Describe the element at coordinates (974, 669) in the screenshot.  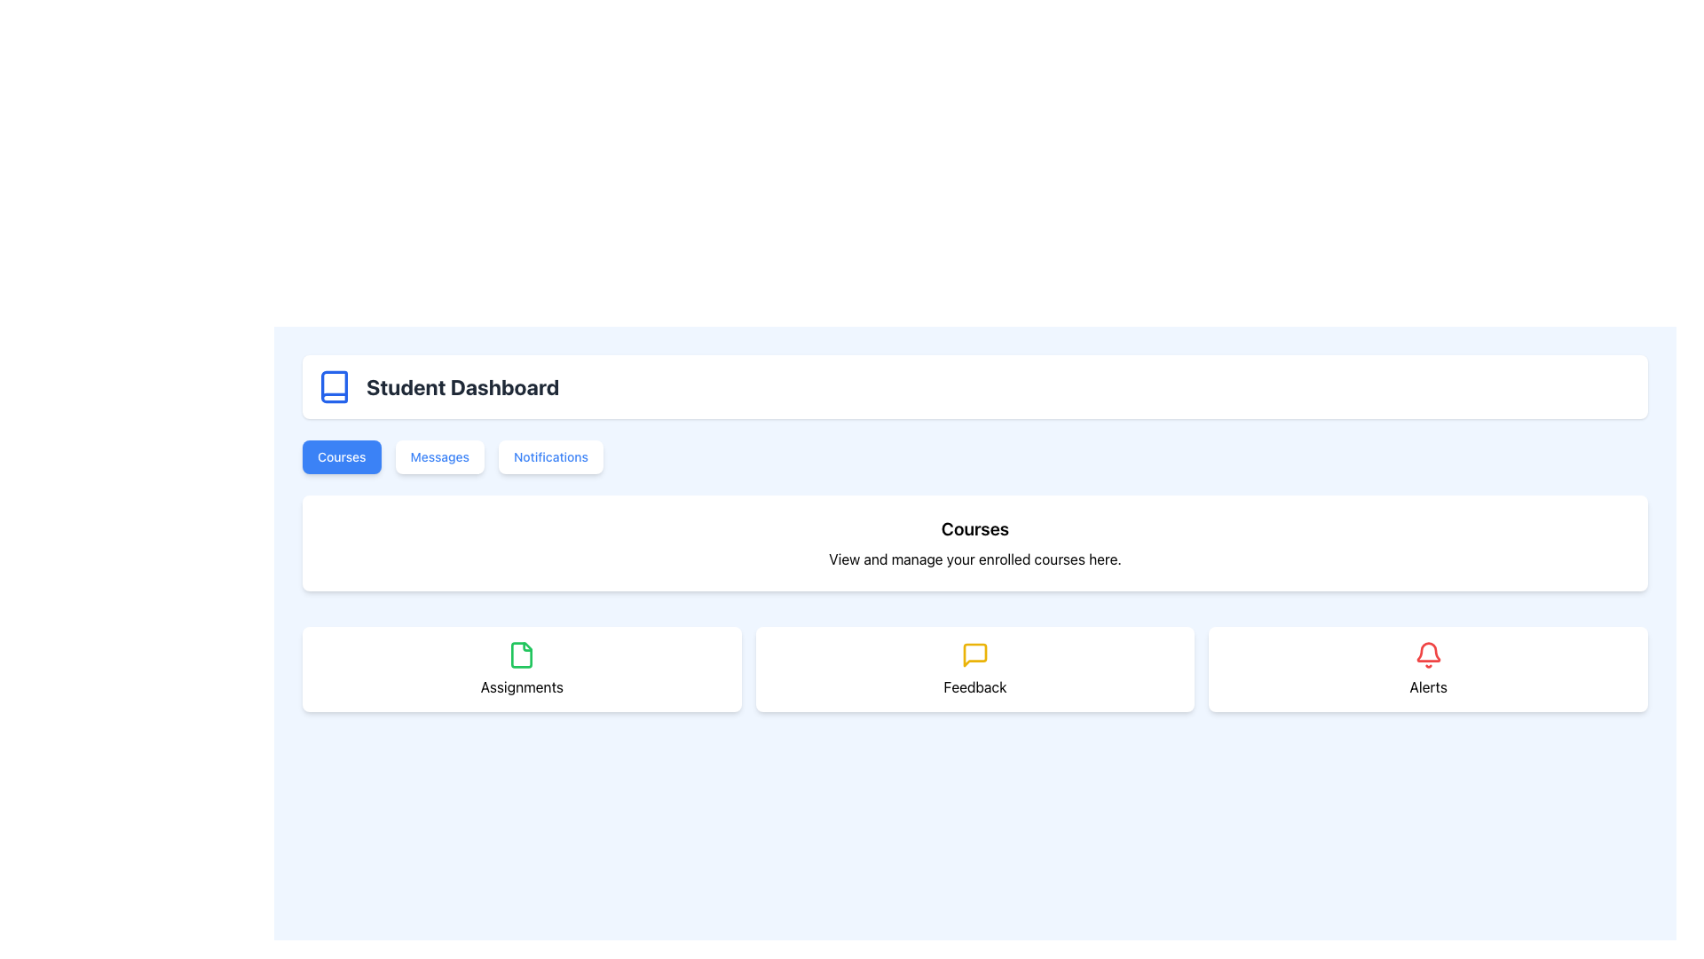
I see `the second card from the left in a horizontal row of three cards, located below the 'Courses' section, which is intended for user feedback functionality` at that location.